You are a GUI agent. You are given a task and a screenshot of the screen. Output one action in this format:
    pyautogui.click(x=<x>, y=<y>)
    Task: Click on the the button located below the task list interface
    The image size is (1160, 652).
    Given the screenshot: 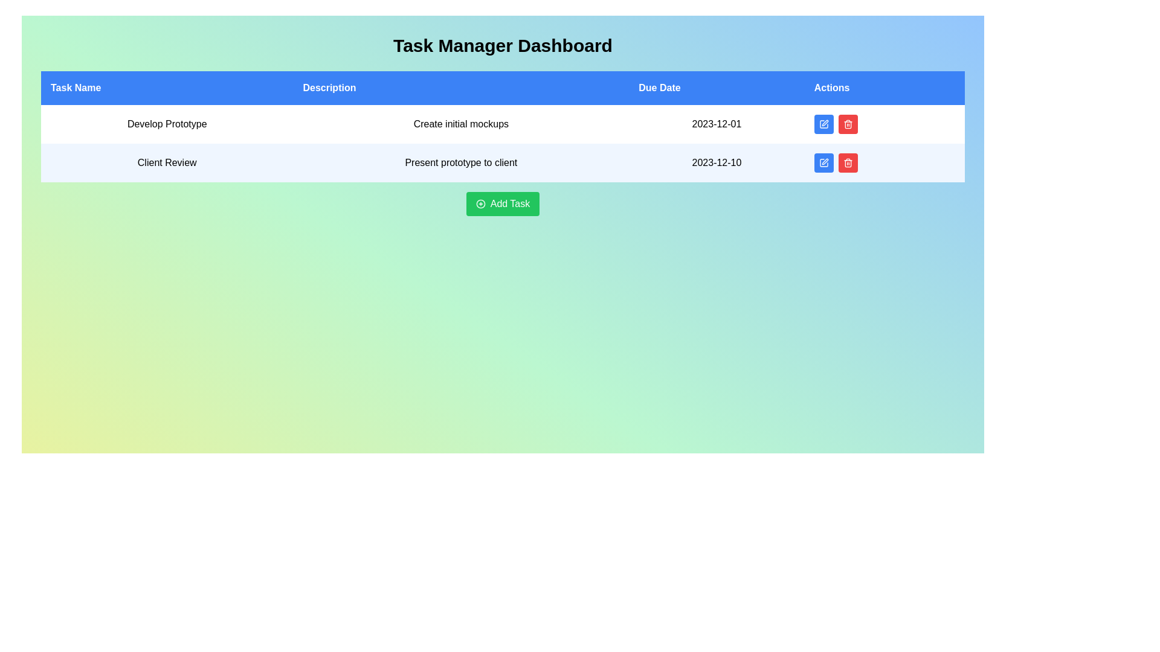 What is the action you would take?
    pyautogui.click(x=503, y=203)
    